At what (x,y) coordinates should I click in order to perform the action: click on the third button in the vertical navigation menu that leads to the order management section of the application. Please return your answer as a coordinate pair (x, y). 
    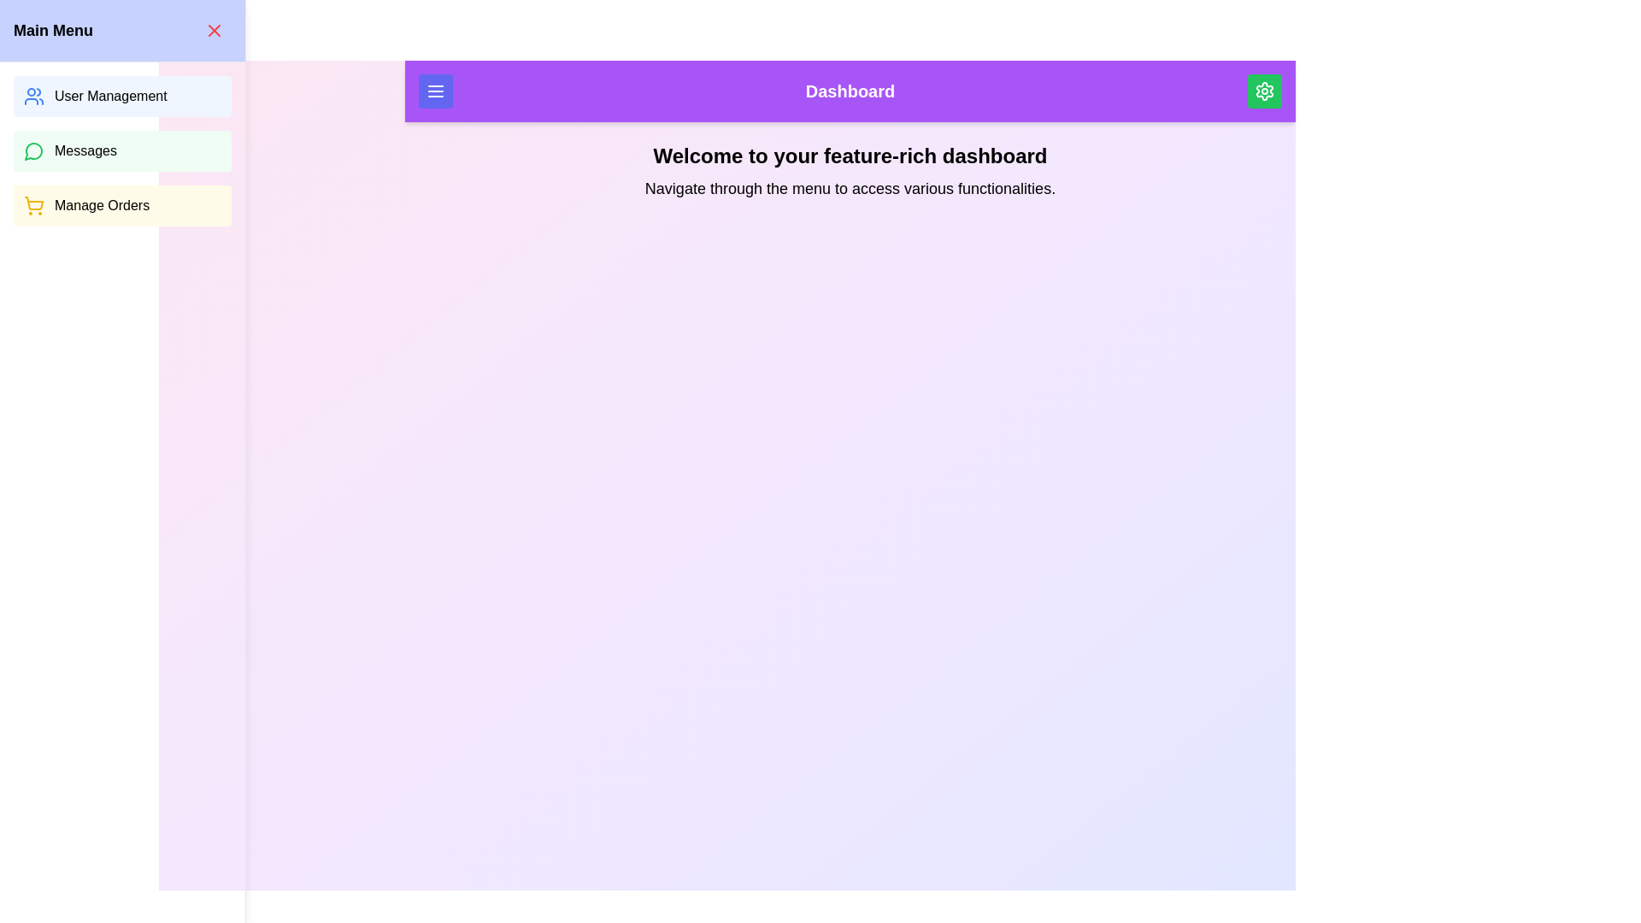
    Looking at the image, I should click on (121, 204).